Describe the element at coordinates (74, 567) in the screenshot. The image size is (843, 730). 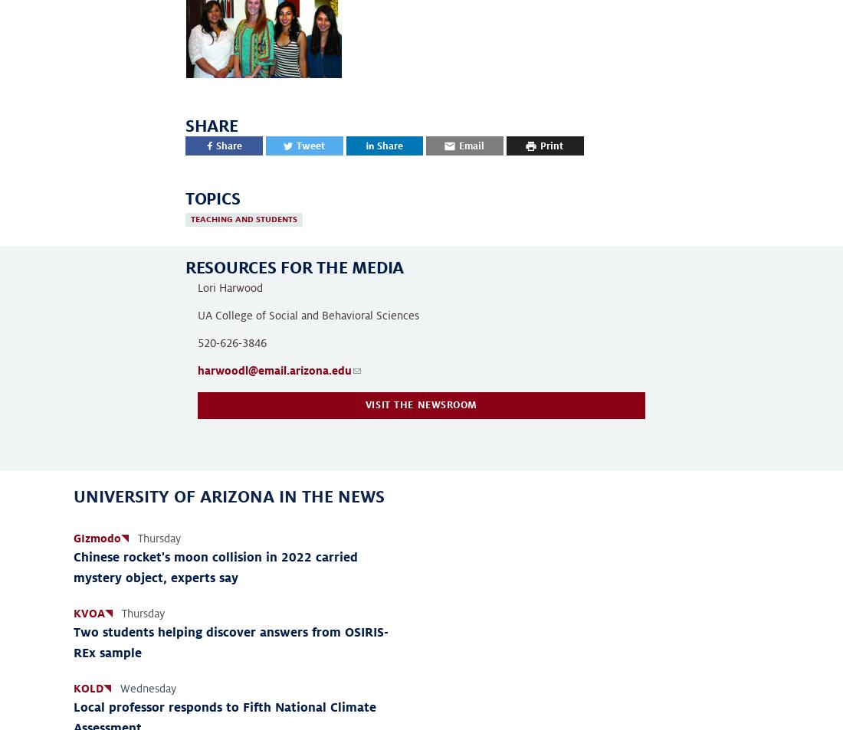
I see `'Chinese rocket's moon collision in 2022 carried mystery object, experts say'` at that location.